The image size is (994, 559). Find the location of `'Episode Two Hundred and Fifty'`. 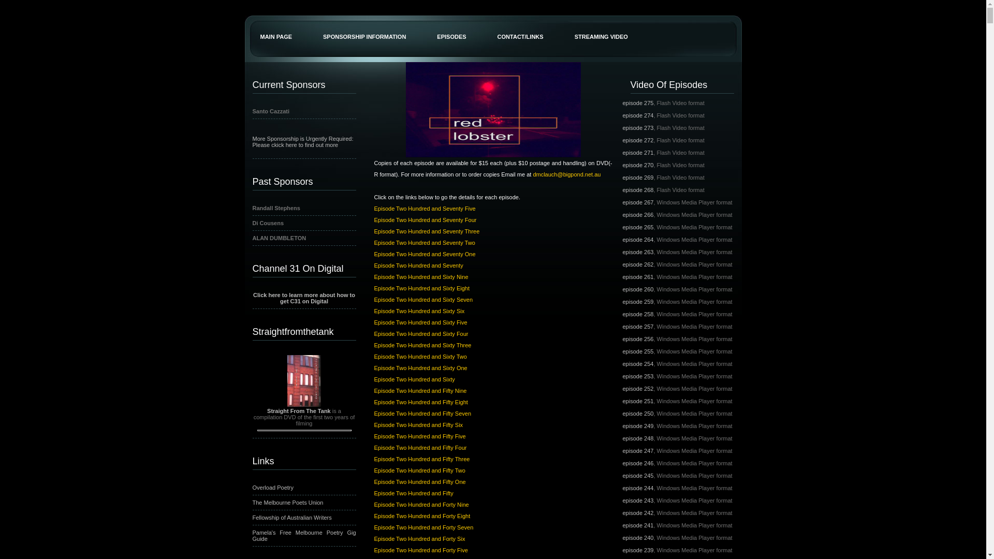

'Episode Two Hundred and Fifty' is located at coordinates (373, 492).